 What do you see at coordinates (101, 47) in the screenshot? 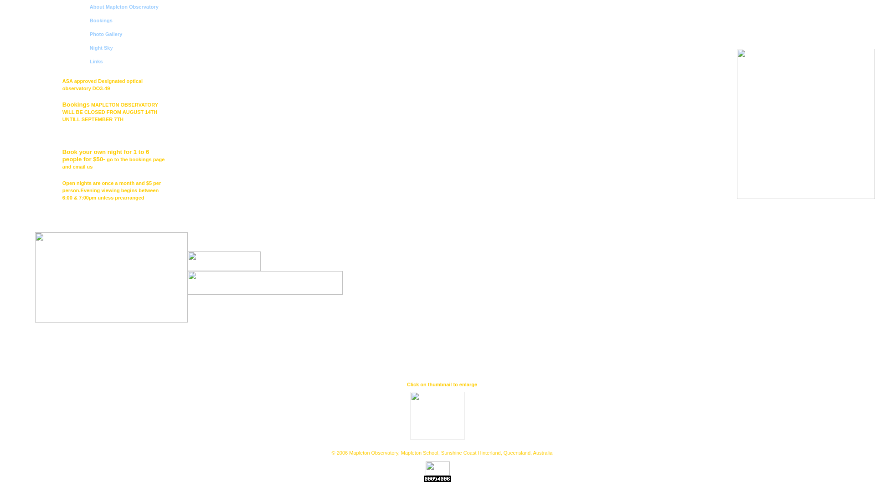
I see `'Night Sky'` at bounding box center [101, 47].